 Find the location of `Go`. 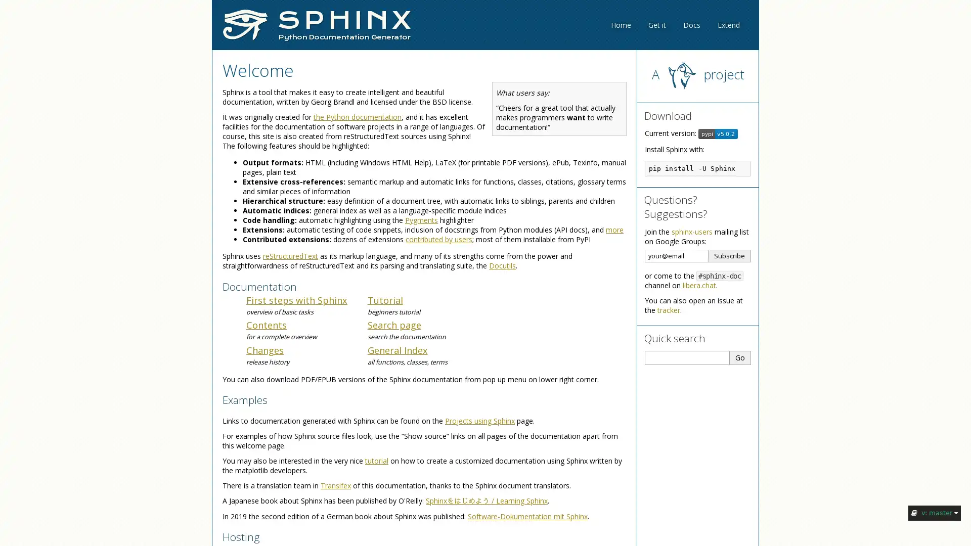

Go is located at coordinates (740, 356).